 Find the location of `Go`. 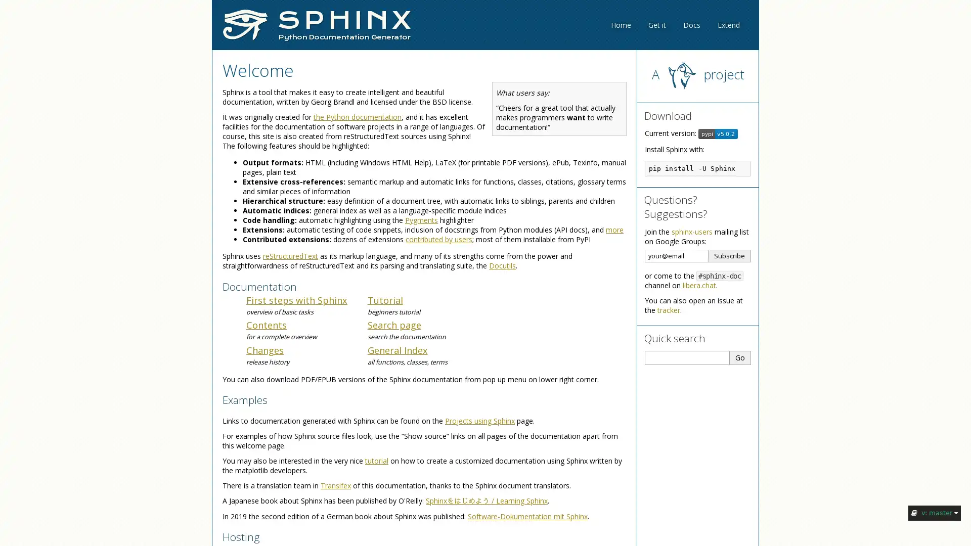

Go is located at coordinates (740, 356).